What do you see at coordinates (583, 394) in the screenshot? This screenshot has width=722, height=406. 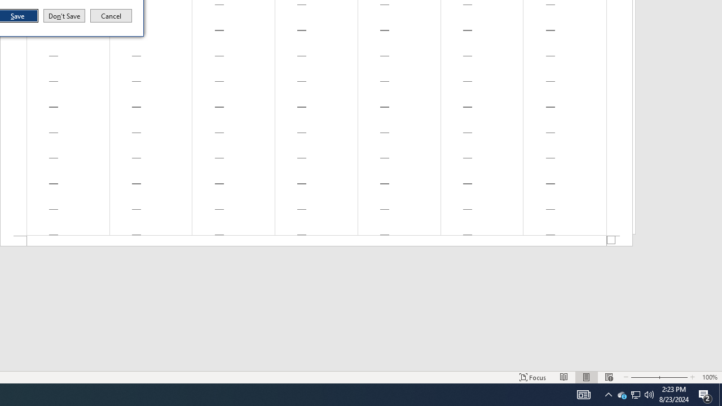 I see `'AutomationID: 4105'` at bounding box center [583, 394].